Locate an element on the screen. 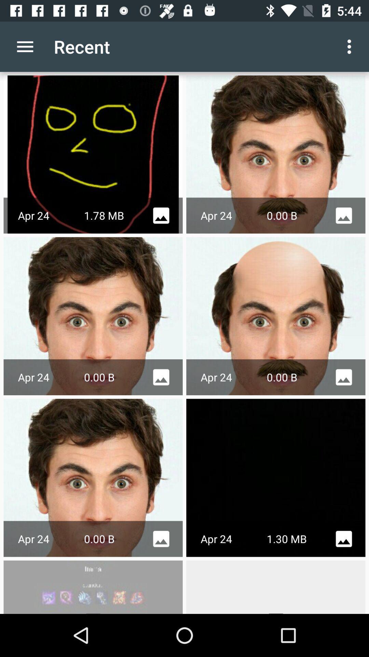 The image size is (369, 657). item next to recent icon is located at coordinates (351, 46).